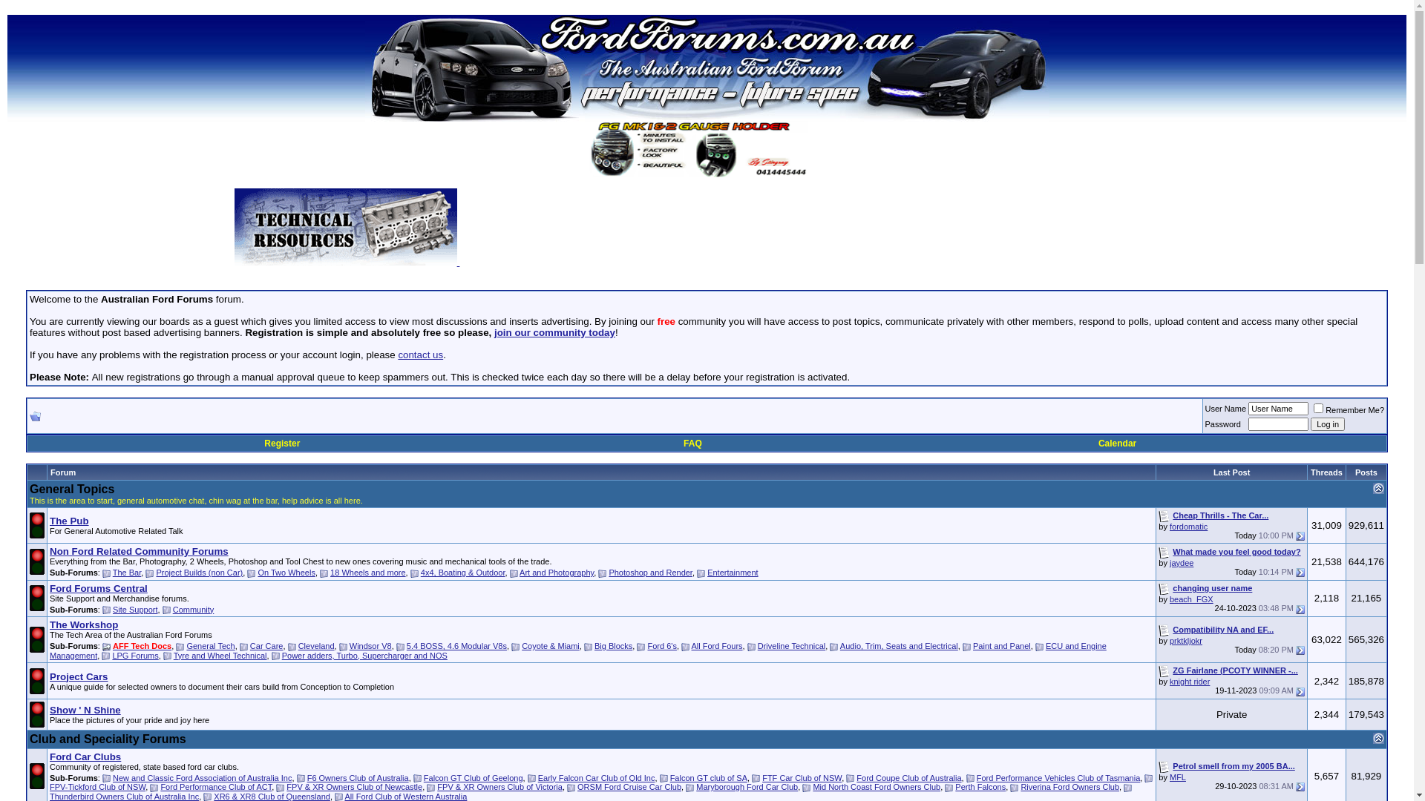  Describe the element at coordinates (1191, 598) in the screenshot. I see `'beach_FGX'` at that location.